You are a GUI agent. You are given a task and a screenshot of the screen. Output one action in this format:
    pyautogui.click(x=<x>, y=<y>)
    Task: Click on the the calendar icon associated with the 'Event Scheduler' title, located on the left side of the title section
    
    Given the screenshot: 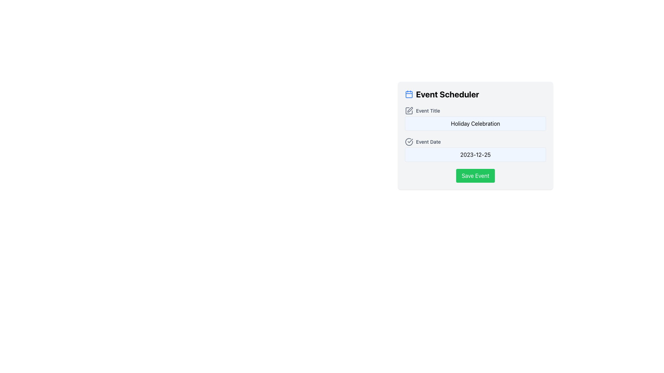 What is the action you would take?
    pyautogui.click(x=409, y=94)
    